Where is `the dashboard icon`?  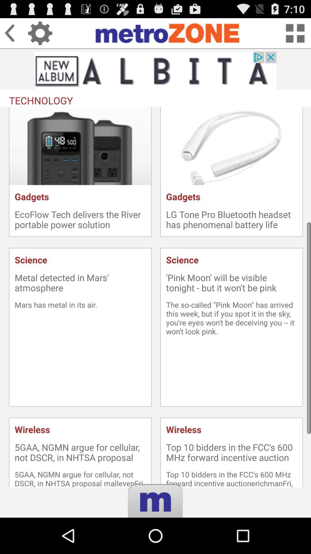
the dashboard icon is located at coordinates (295, 35).